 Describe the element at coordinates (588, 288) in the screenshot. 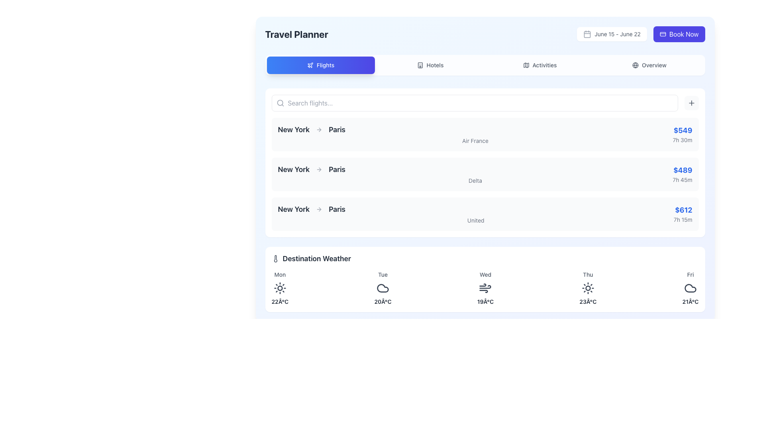

I see `the Weather Forecast Display that features a sun icon with the text 'Thu' above and '23°C' below, located in the bottom horizontal weather forecast row` at that location.